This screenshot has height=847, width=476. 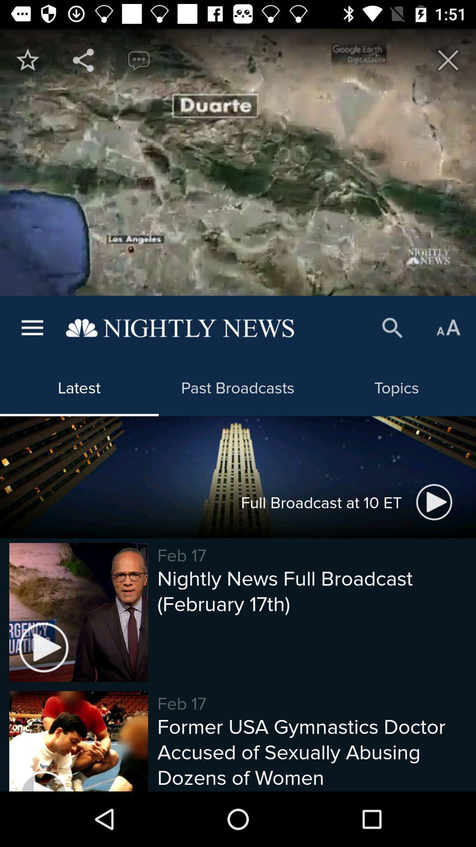 I want to click on the chat icon, so click(x=139, y=60).